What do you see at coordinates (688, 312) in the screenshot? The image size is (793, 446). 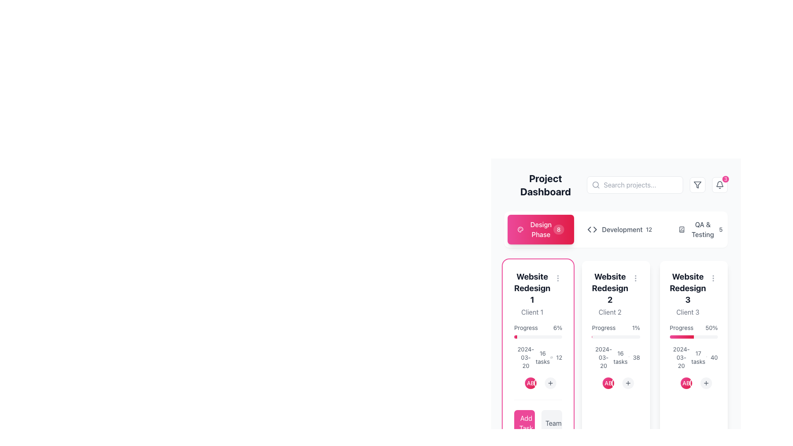 I see `the static text displaying the client's name for the project 'Website Redesign 3' located on the card in the rightmost column of the dashboard, positioned below the heading and above additional information` at bounding box center [688, 312].